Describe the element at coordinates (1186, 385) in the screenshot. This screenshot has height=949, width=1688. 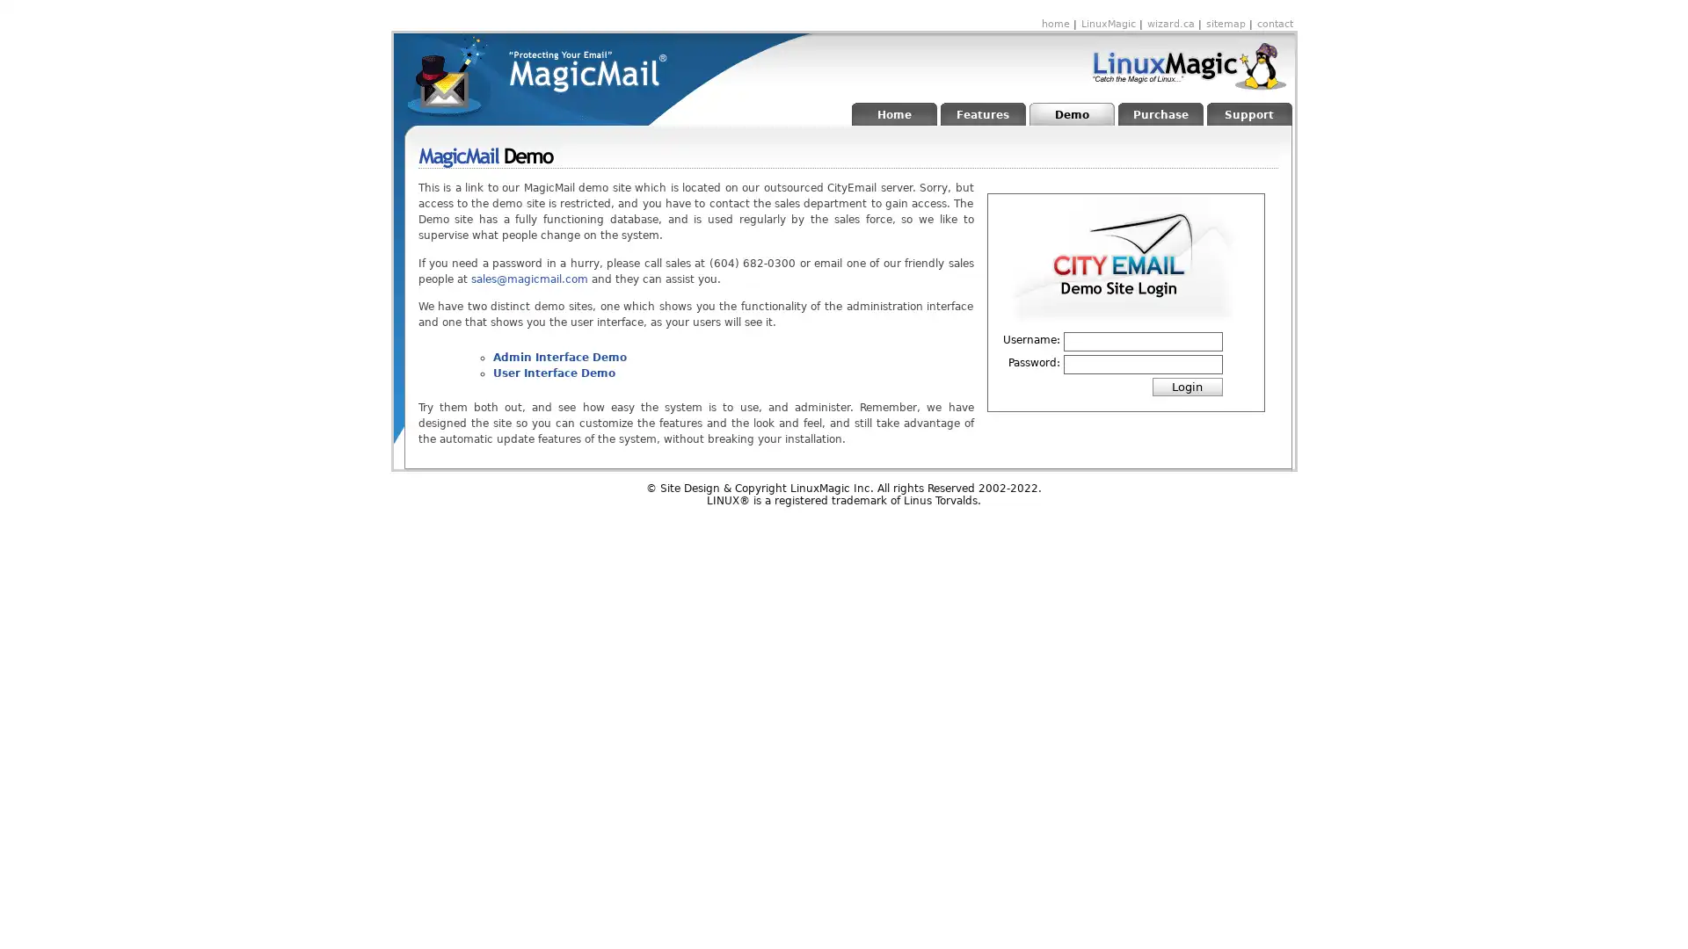
I see `Login` at that location.